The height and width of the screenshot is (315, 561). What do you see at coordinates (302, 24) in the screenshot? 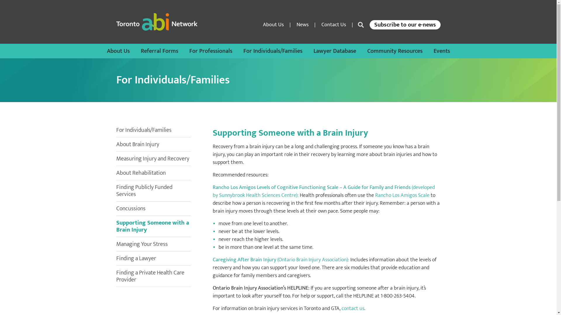
I see `'News'` at bounding box center [302, 24].